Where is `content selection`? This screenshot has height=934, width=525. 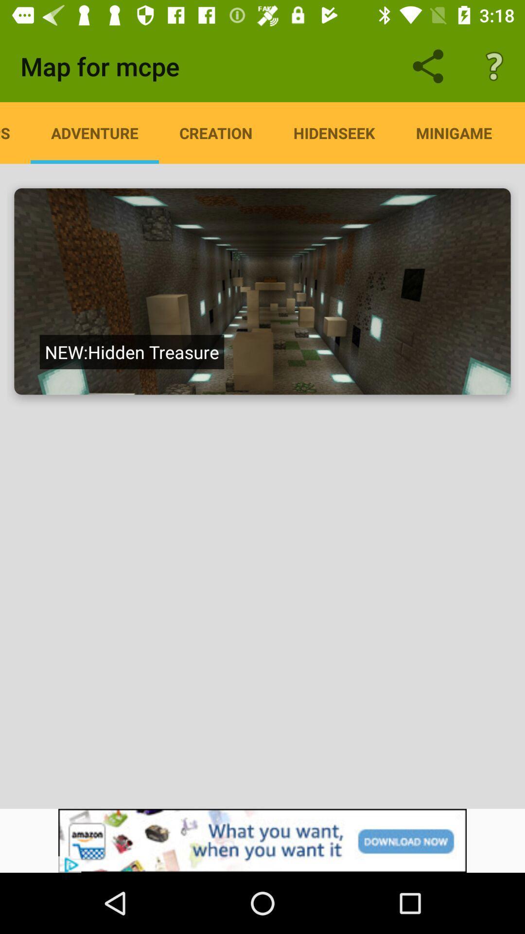 content selection is located at coordinates (262, 291).